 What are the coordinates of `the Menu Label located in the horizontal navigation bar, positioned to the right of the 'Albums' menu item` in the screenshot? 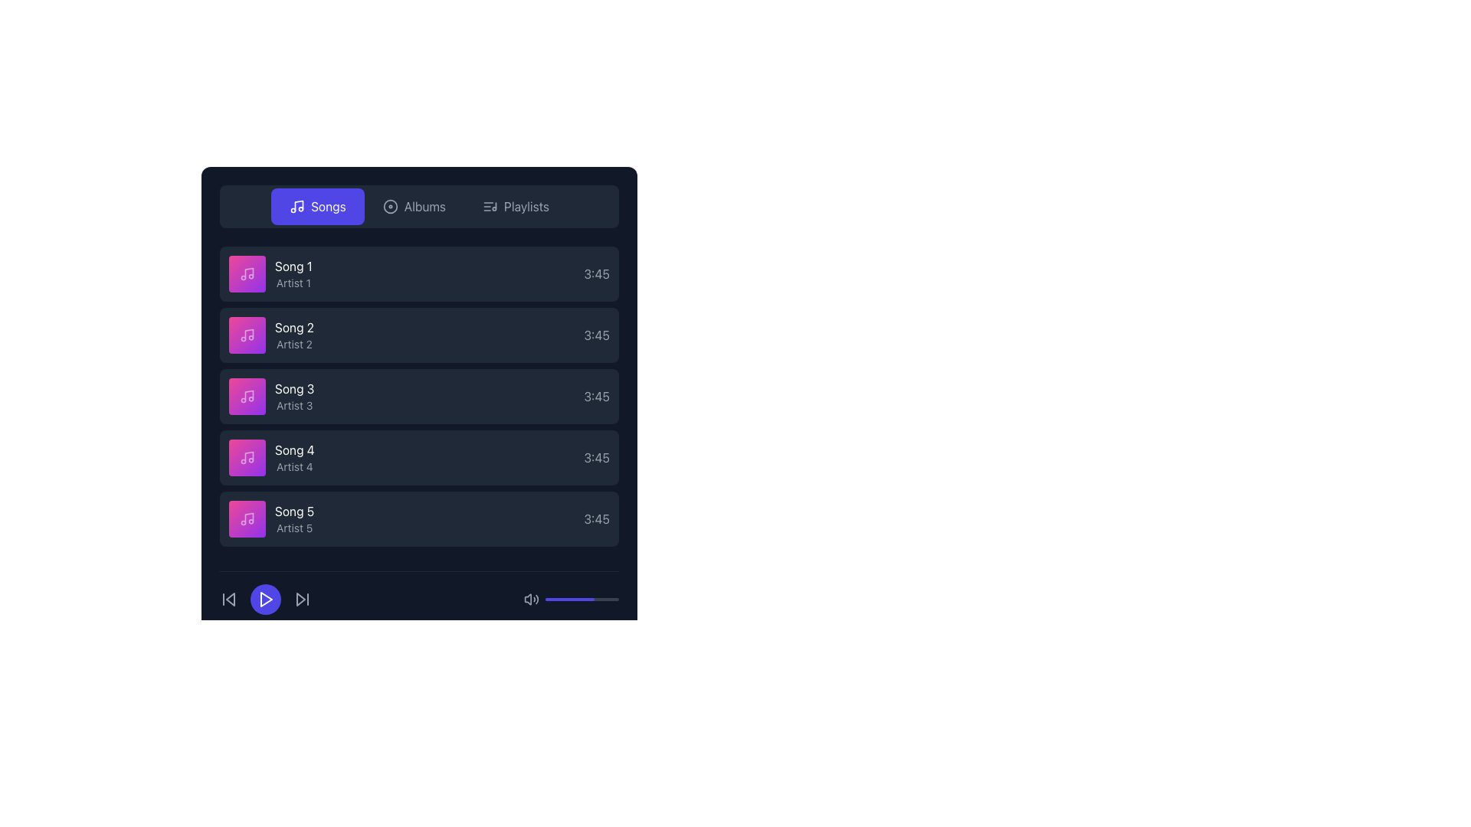 It's located at (526, 207).